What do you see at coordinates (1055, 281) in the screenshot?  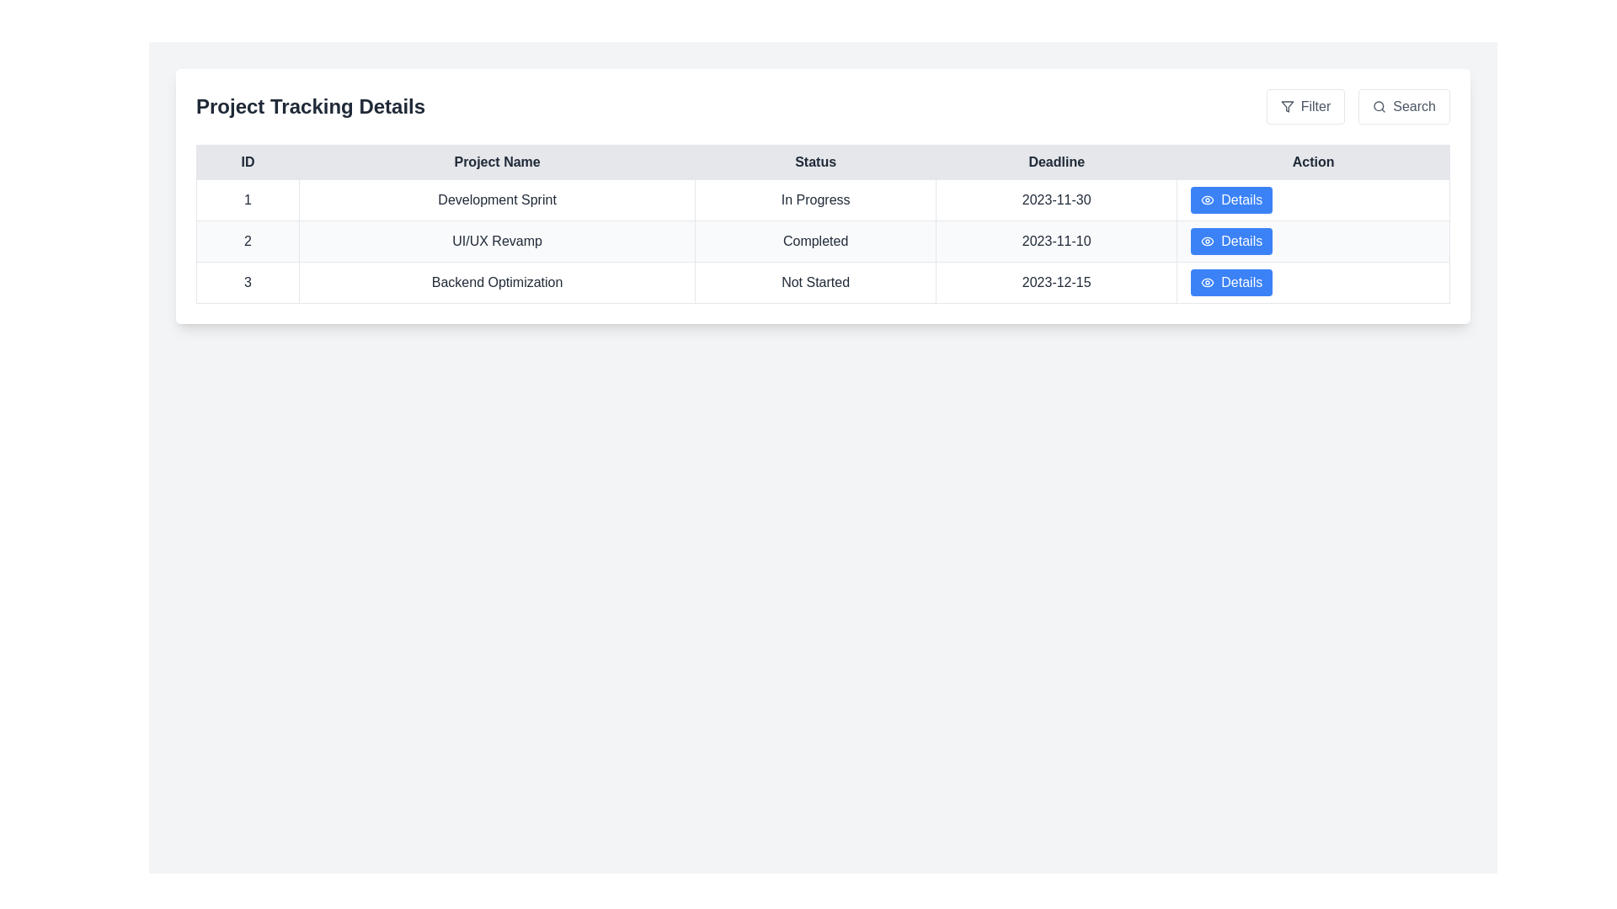 I see `the text label displaying the date '2023-12-15' in the fourth column of the third row of the table` at bounding box center [1055, 281].